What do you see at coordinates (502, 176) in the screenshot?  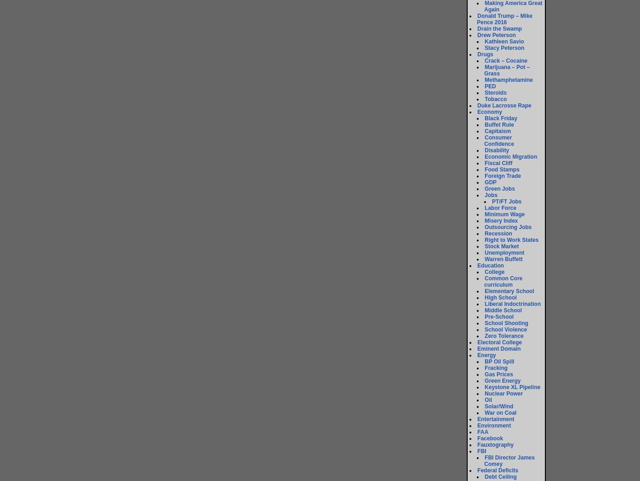 I see `'Foreign Trade'` at bounding box center [502, 176].